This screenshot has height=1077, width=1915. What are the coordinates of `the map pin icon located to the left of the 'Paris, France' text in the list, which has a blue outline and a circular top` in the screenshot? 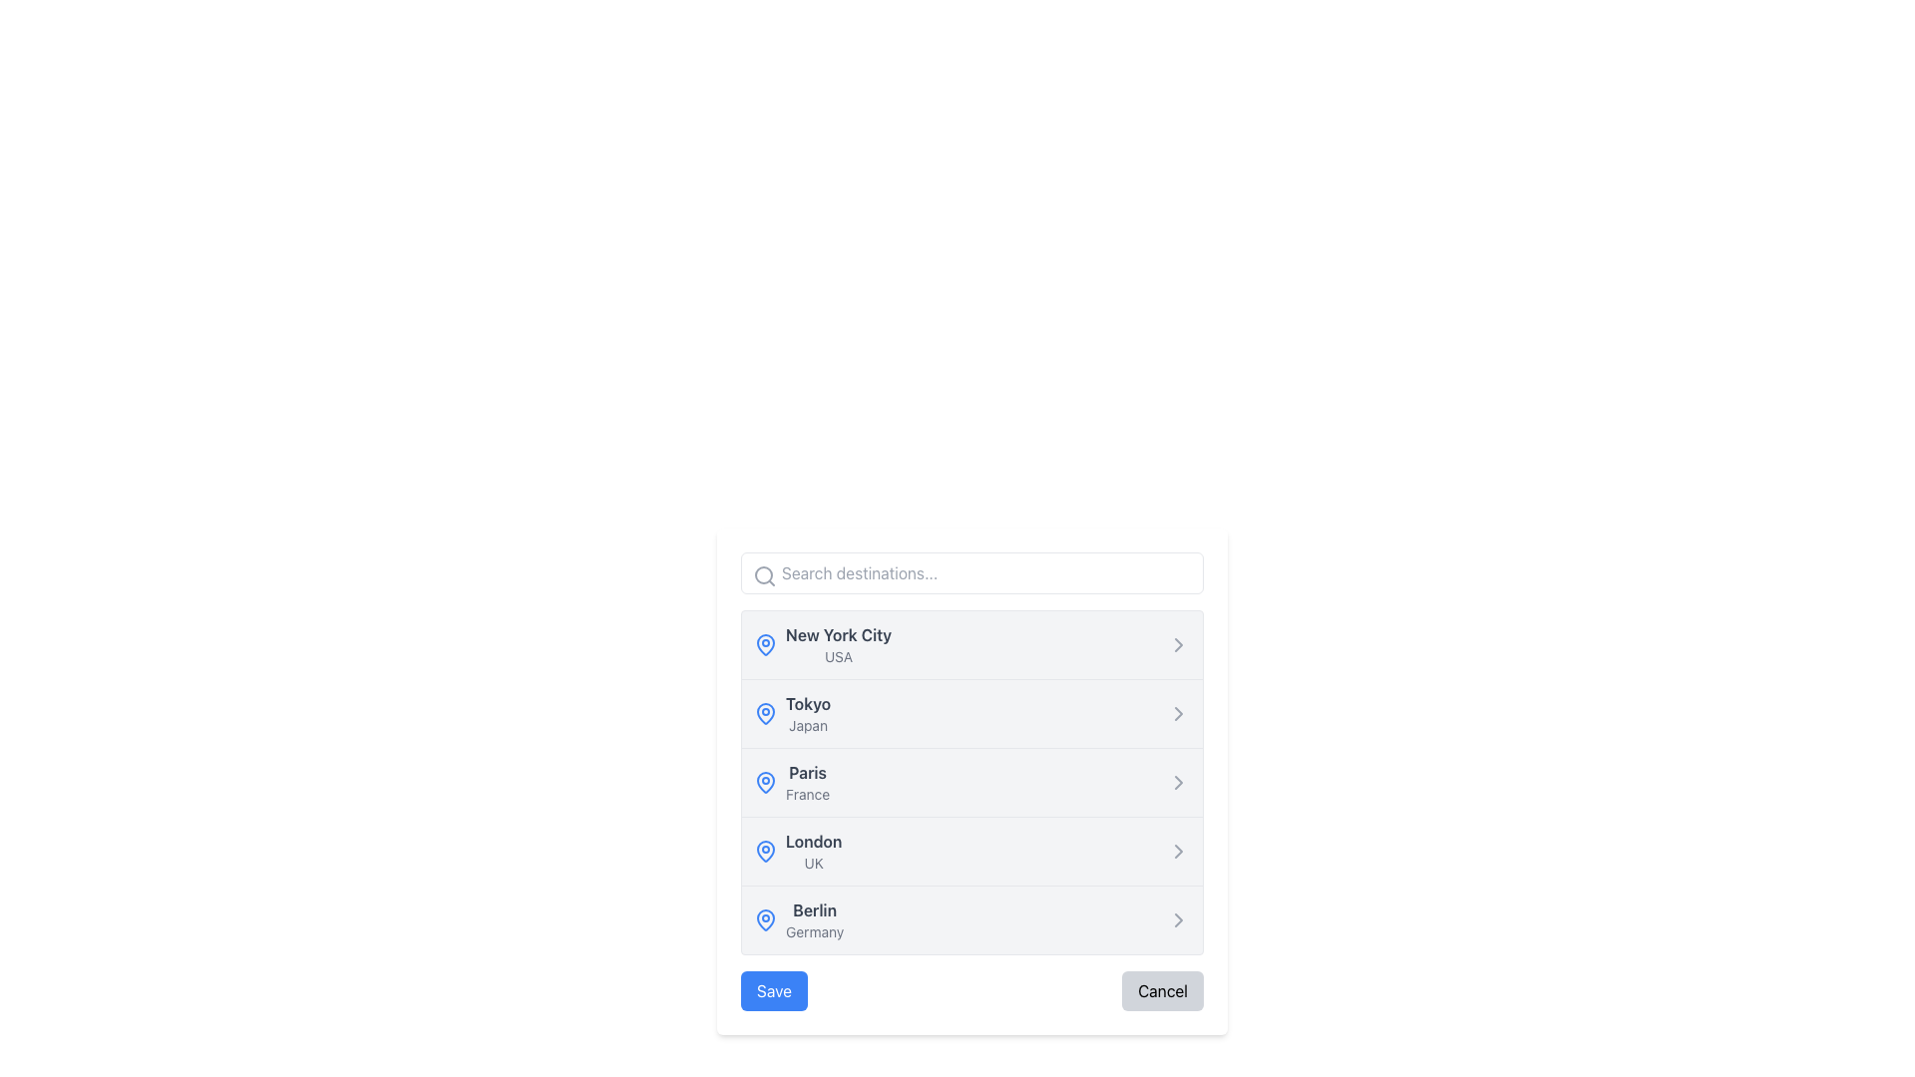 It's located at (765, 780).